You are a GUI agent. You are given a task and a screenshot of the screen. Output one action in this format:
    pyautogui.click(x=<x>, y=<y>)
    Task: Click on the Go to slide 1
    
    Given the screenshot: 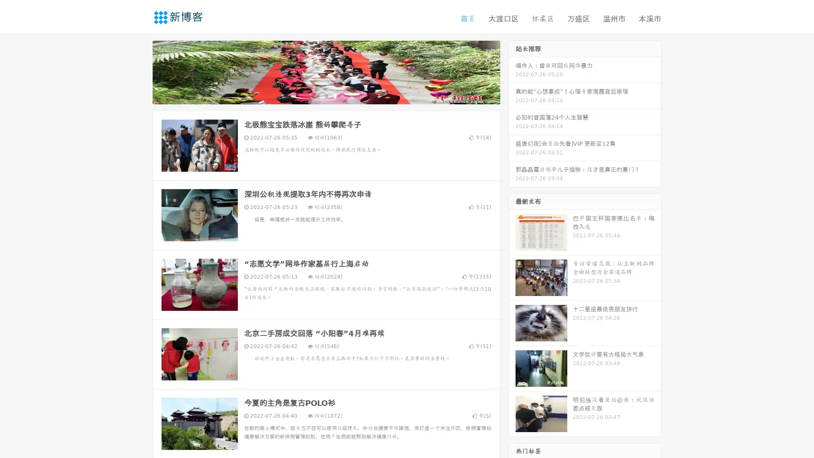 What is the action you would take?
    pyautogui.click(x=317, y=95)
    